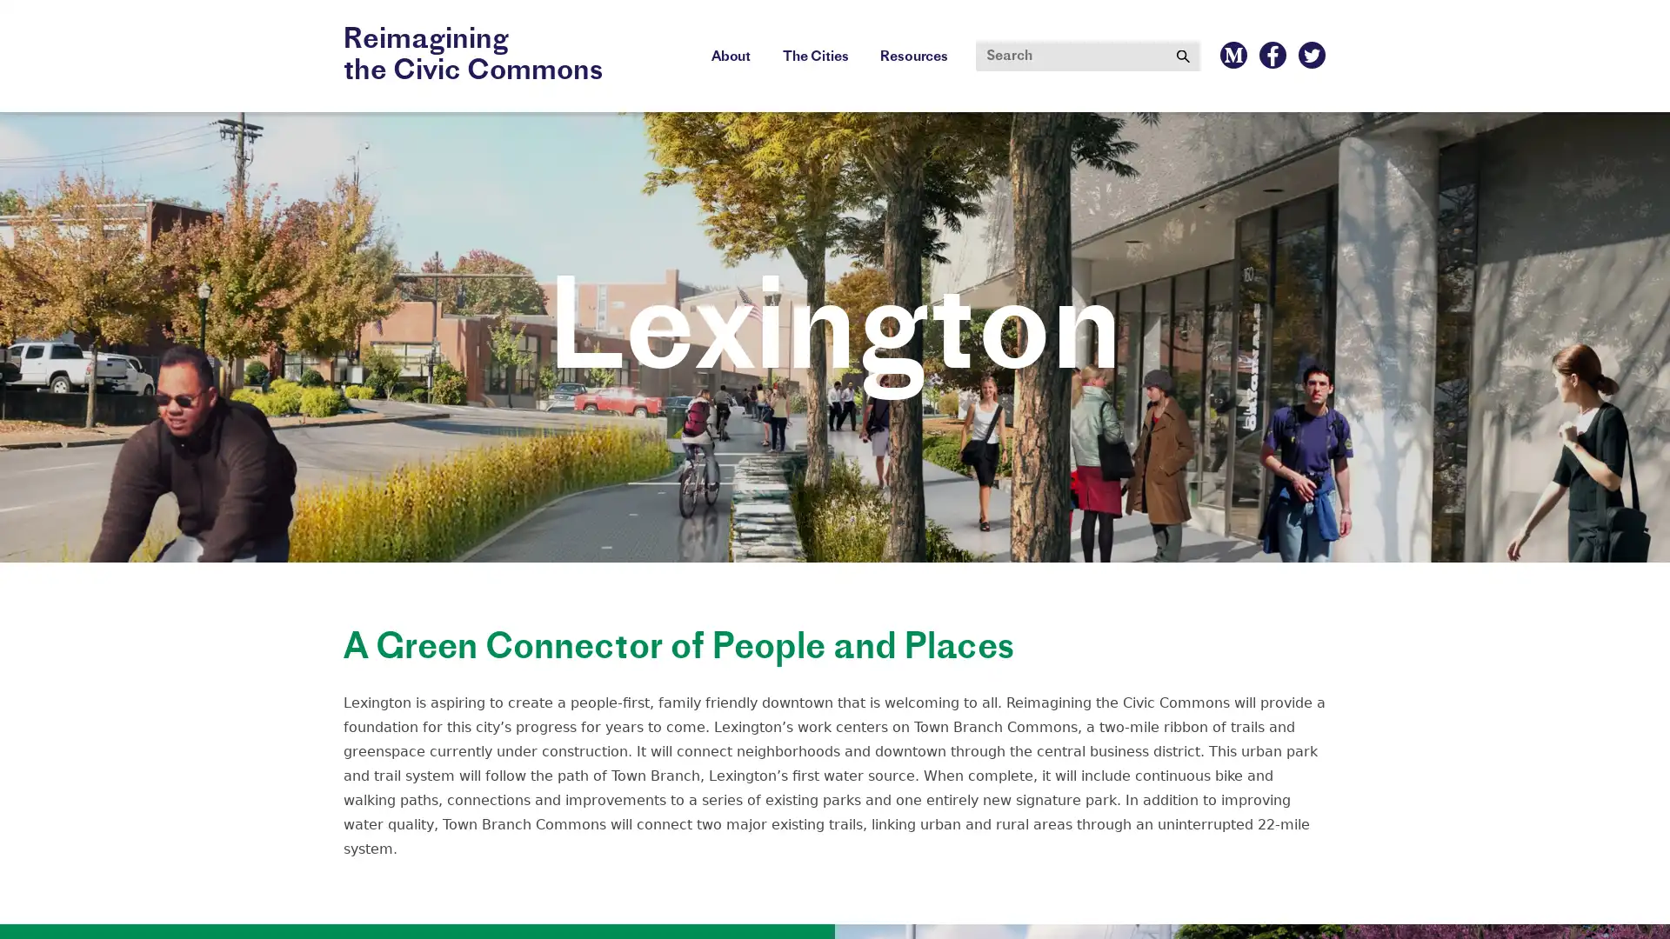 Image resolution: width=1670 pixels, height=939 pixels. What do you see at coordinates (1183, 55) in the screenshot?
I see `Submit` at bounding box center [1183, 55].